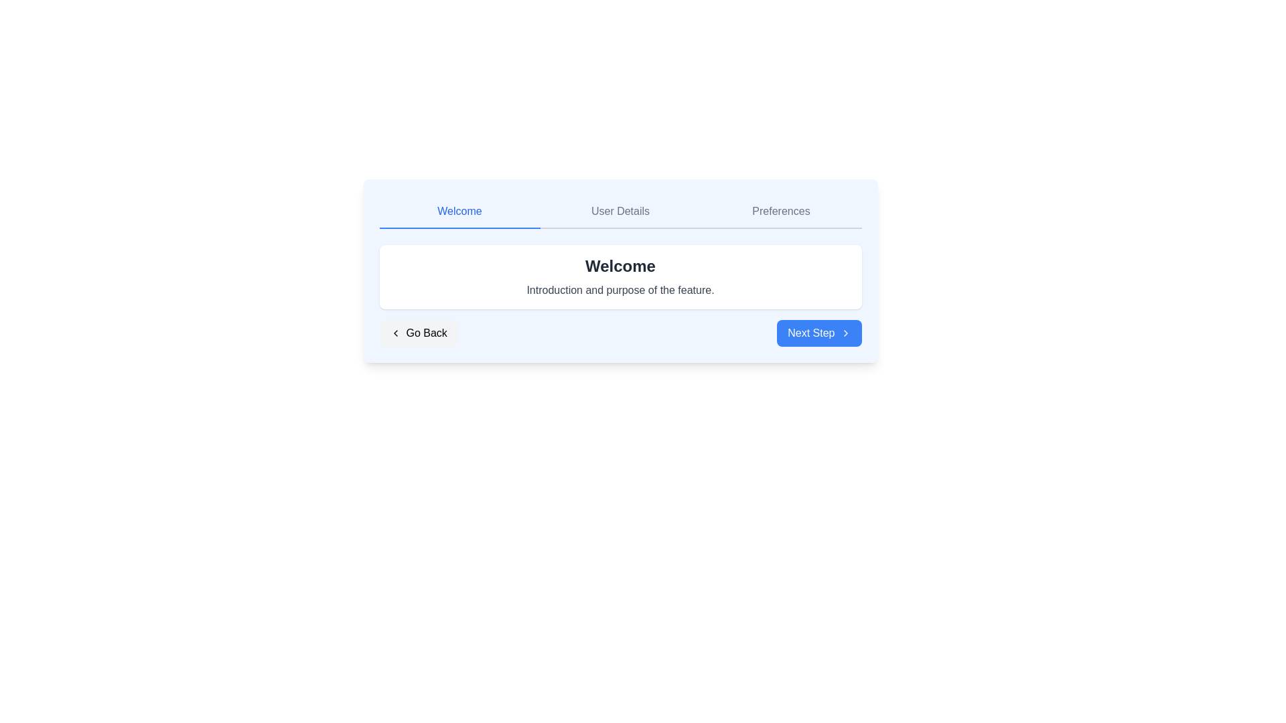  I want to click on the 'Welcome' tab, the first tab in the navigational tab list, so click(459, 211).